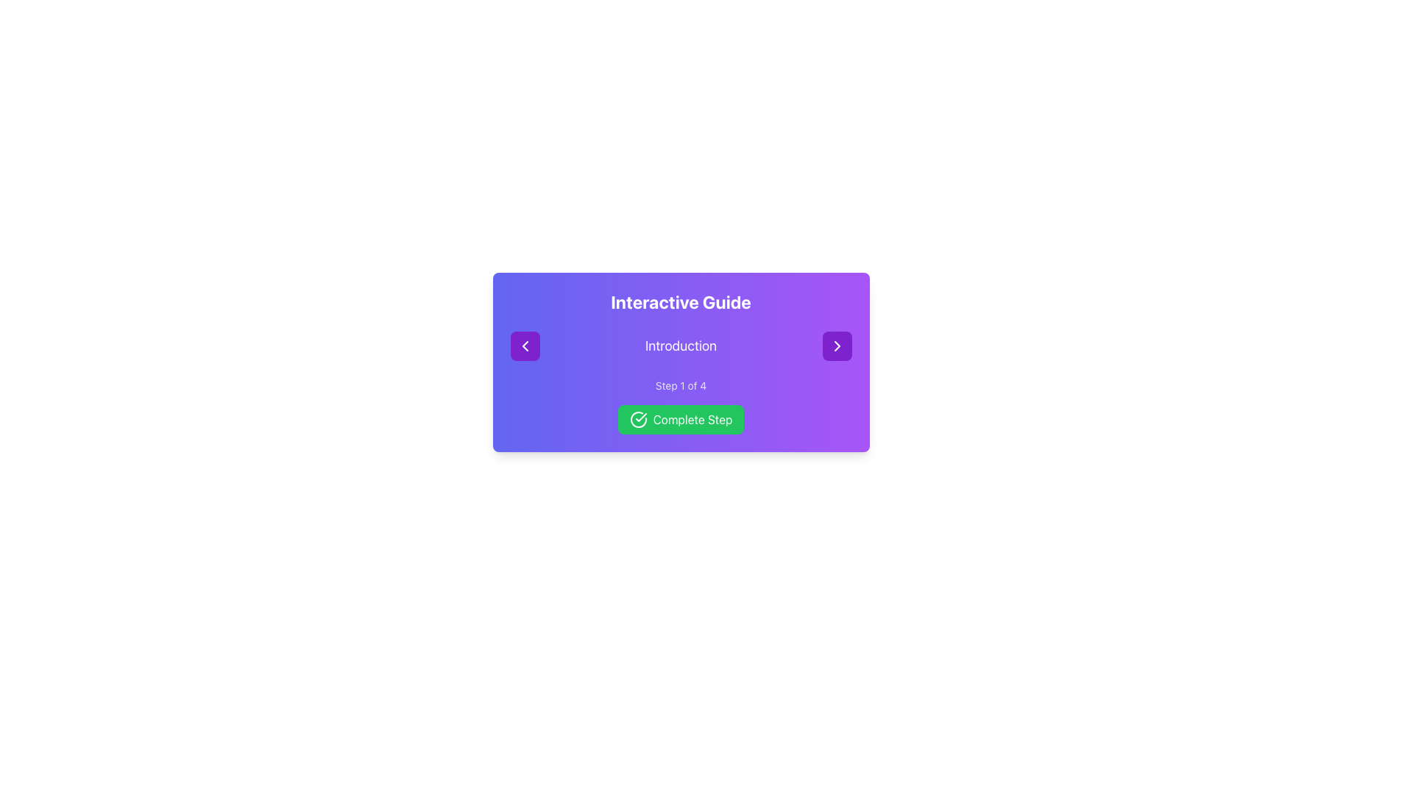  What do you see at coordinates (837, 346) in the screenshot?
I see `the right navigation arrow within the button-like structure located in the top-right section of the purple card interface` at bounding box center [837, 346].